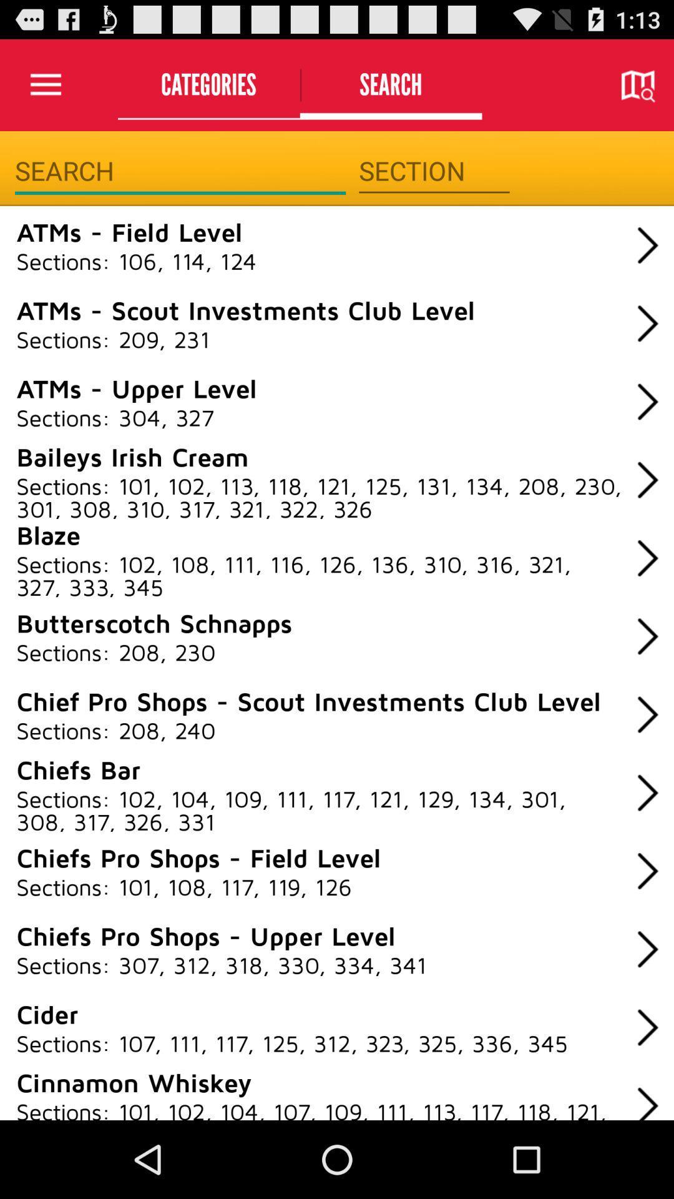  What do you see at coordinates (154, 623) in the screenshot?
I see `item above the sections: 208, 230 icon` at bounding box center [154, 623].